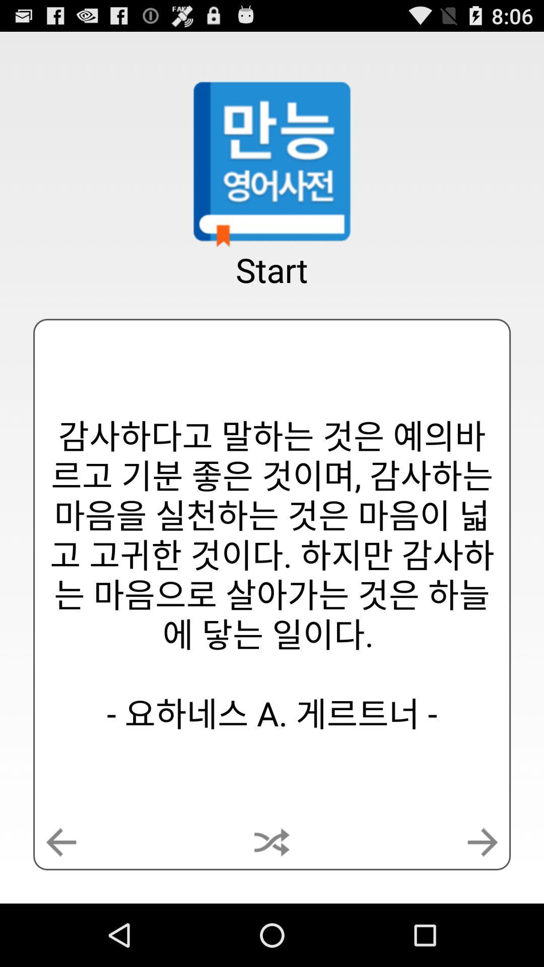 Image resolution: width=544 pixels, height=967 pixels. I want to click on app below the start item, so click(272, 575).